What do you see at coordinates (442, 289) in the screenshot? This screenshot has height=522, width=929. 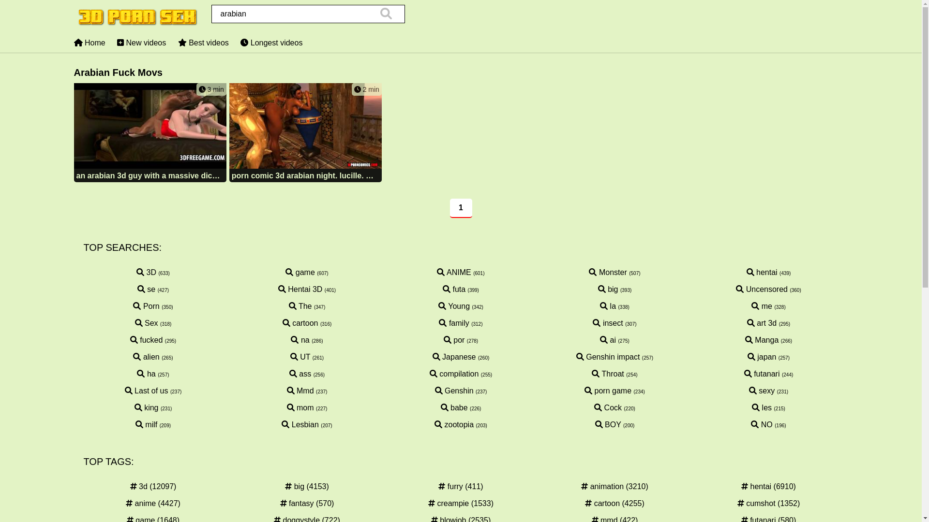 I see `'futa'` at bounding box center [442, 289].